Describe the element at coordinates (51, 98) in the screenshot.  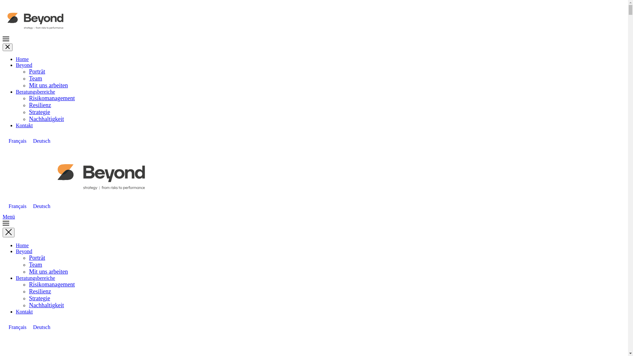
I see `'Risikomanagement'` at that location.